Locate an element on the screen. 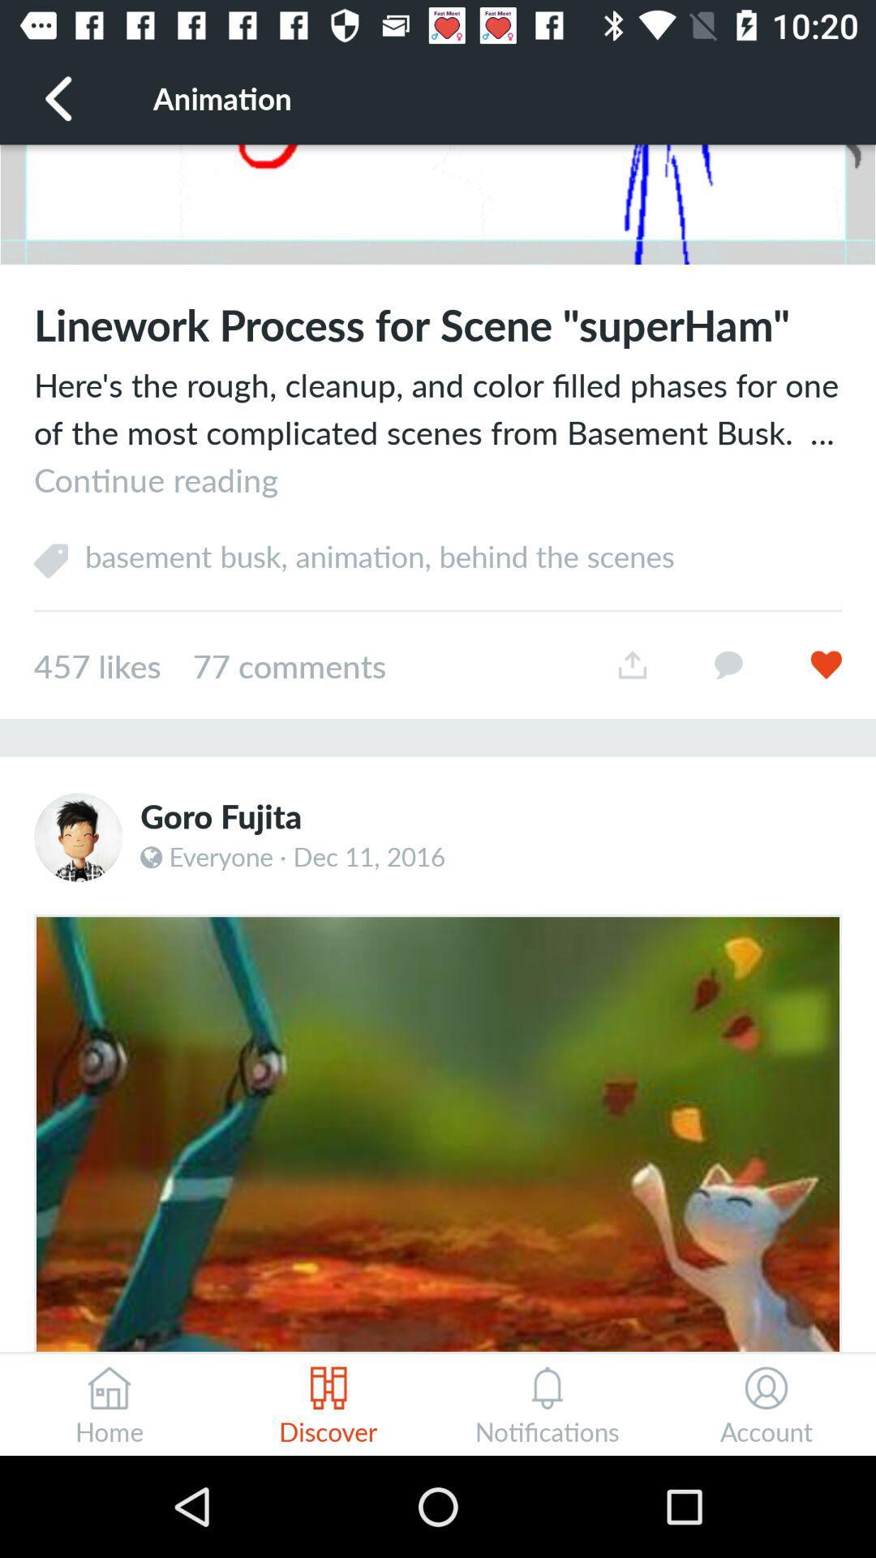  the icon next to the animation is located at coordinates (58, 97).